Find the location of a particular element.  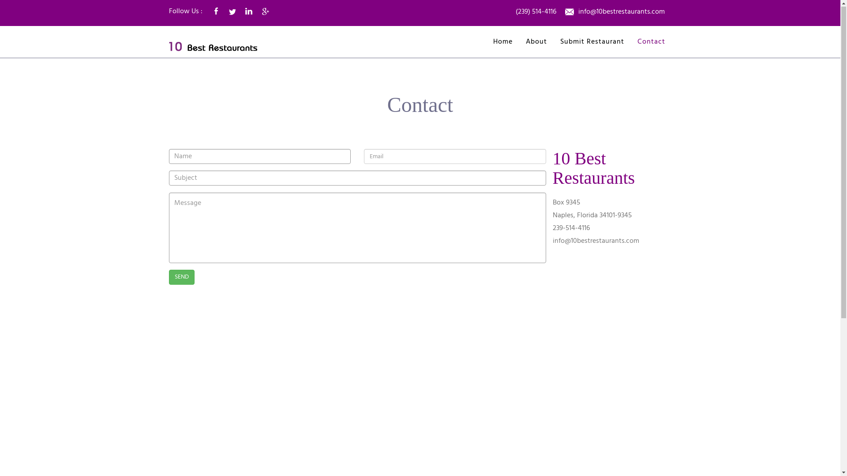

'Submit Restaurant' is located at coordinates (592, 42).